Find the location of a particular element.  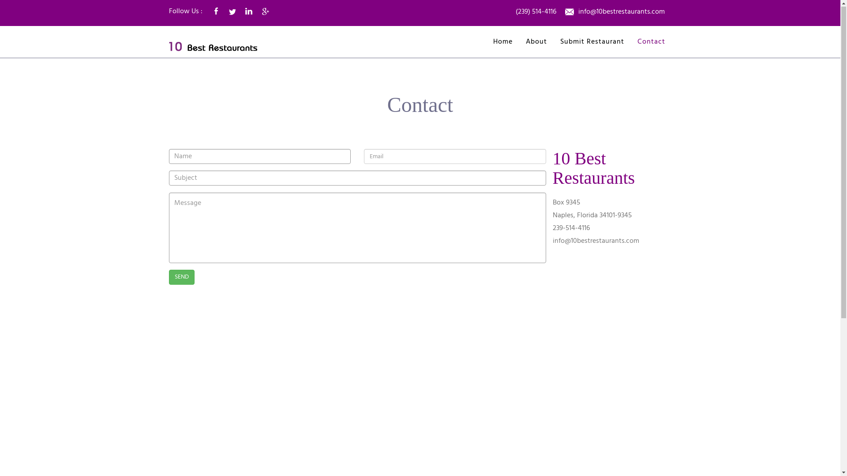

'Submit Restaurant' is located at coordinates (592, 42).